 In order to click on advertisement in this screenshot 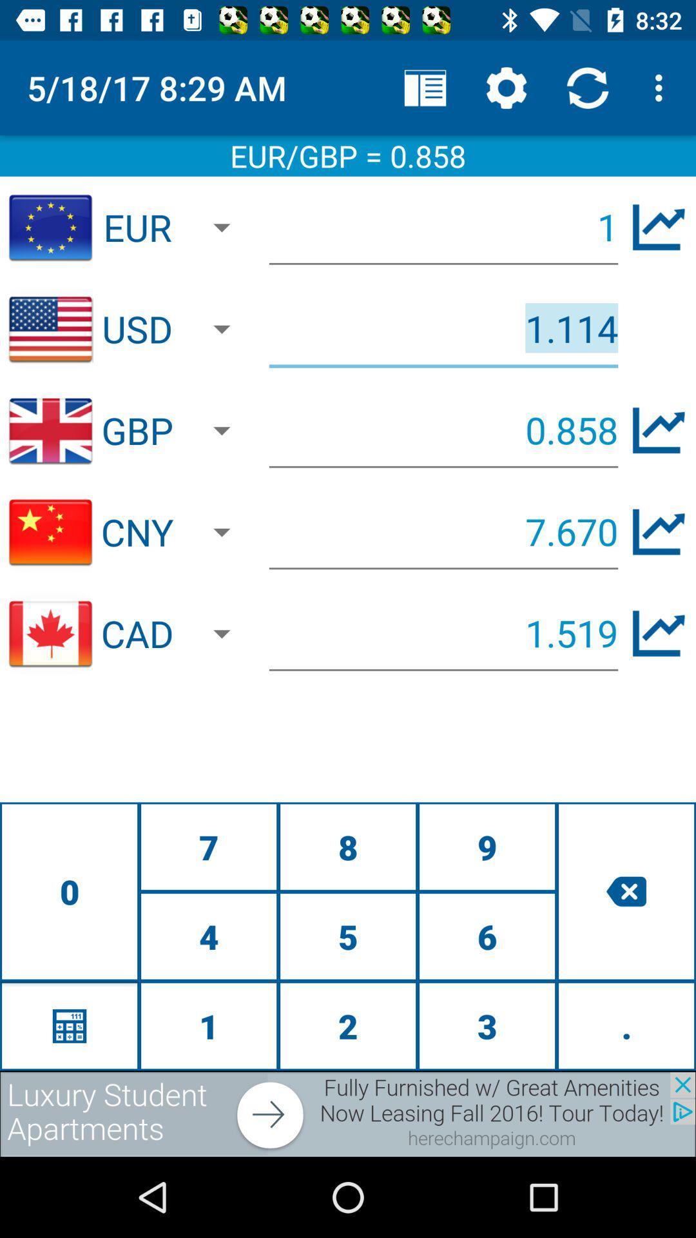, I will do `click(348, 1114)`.